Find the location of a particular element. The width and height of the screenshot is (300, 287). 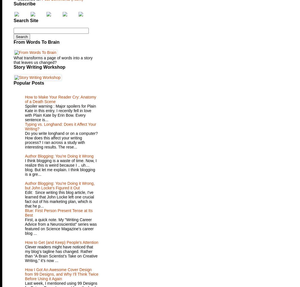

'Popular Posts' is located at coordinates (14, 83).